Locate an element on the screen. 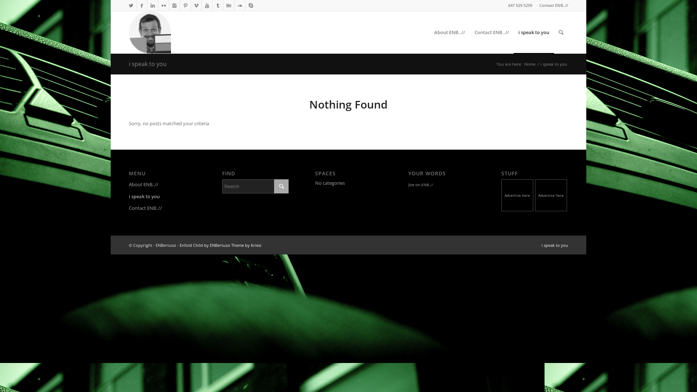  'Contact ENB..//' is located at coordinates (162, 208).